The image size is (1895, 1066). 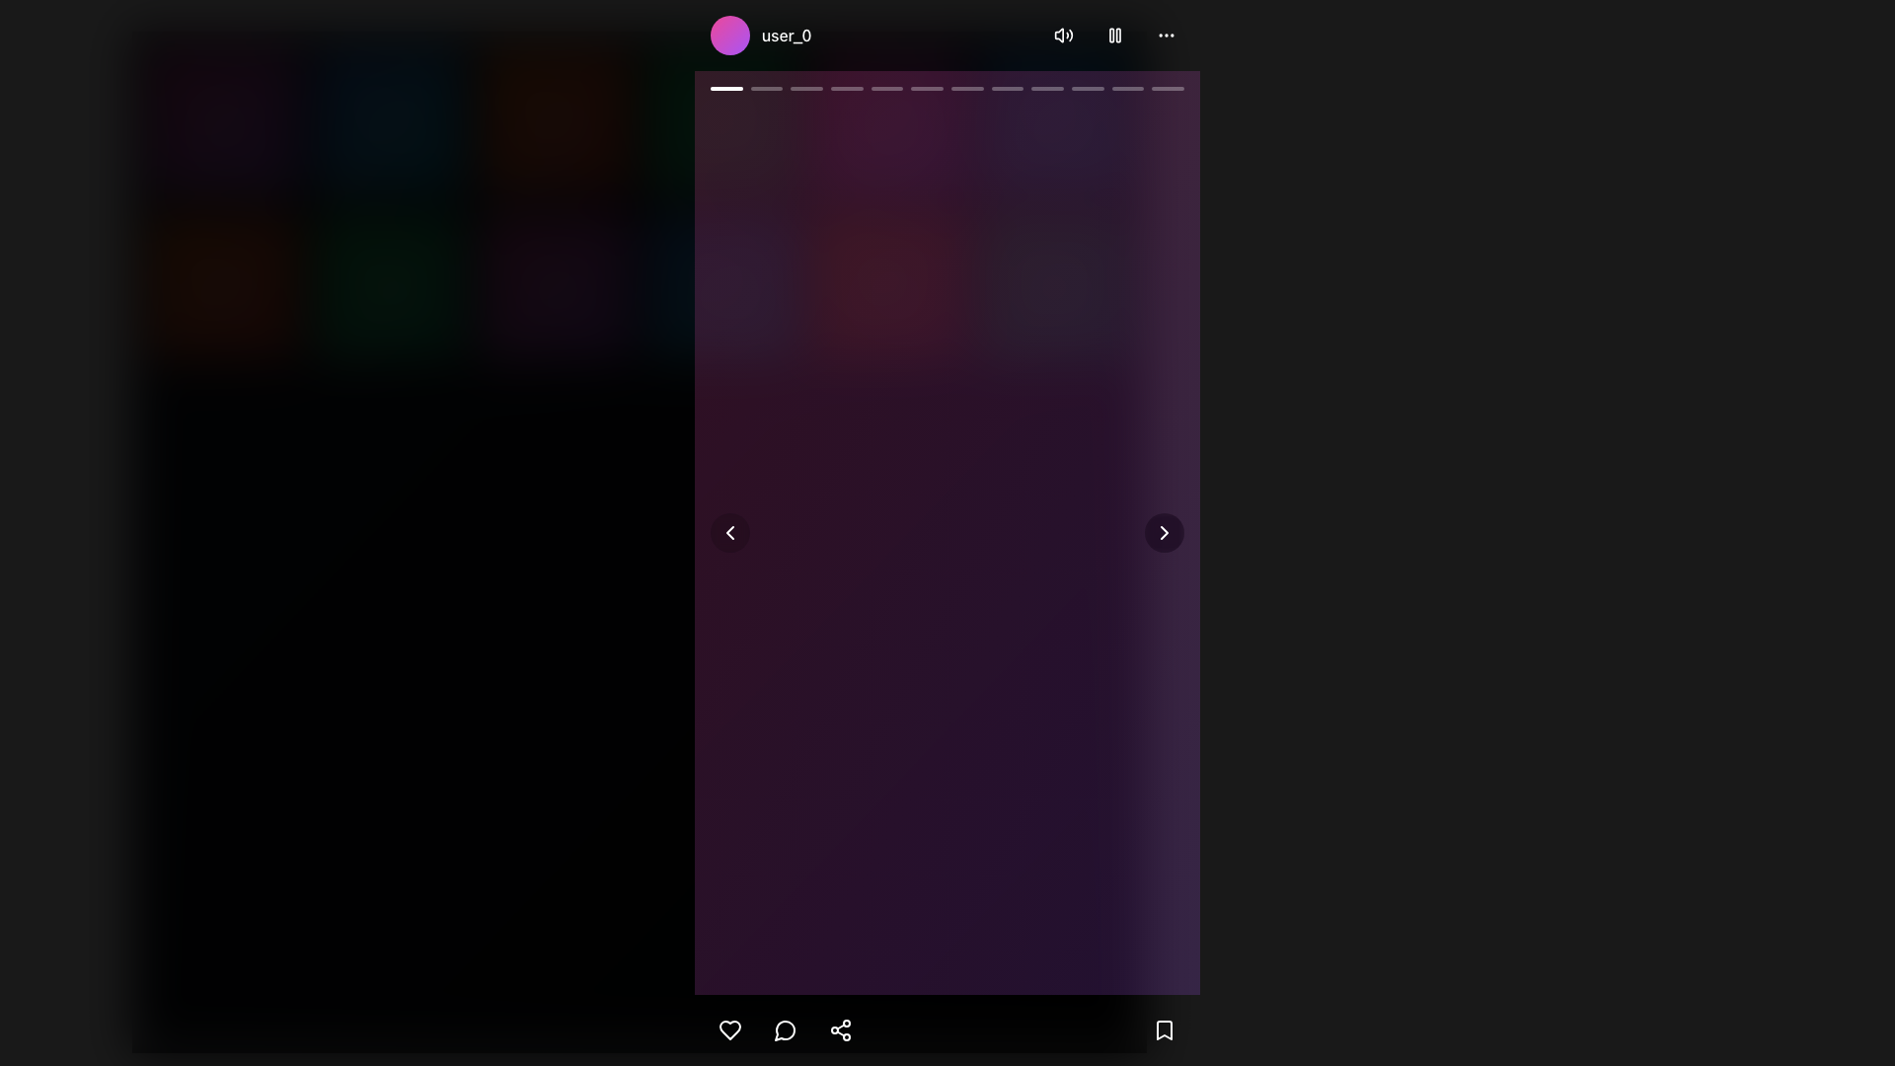 What do you see at coordinates (1127, 87) in the screenshot?
I see `the eleventh progress indicator in a sequence of twelve similar horizontal bars located at the top right of the interface` at bounding box center [1127, 87].